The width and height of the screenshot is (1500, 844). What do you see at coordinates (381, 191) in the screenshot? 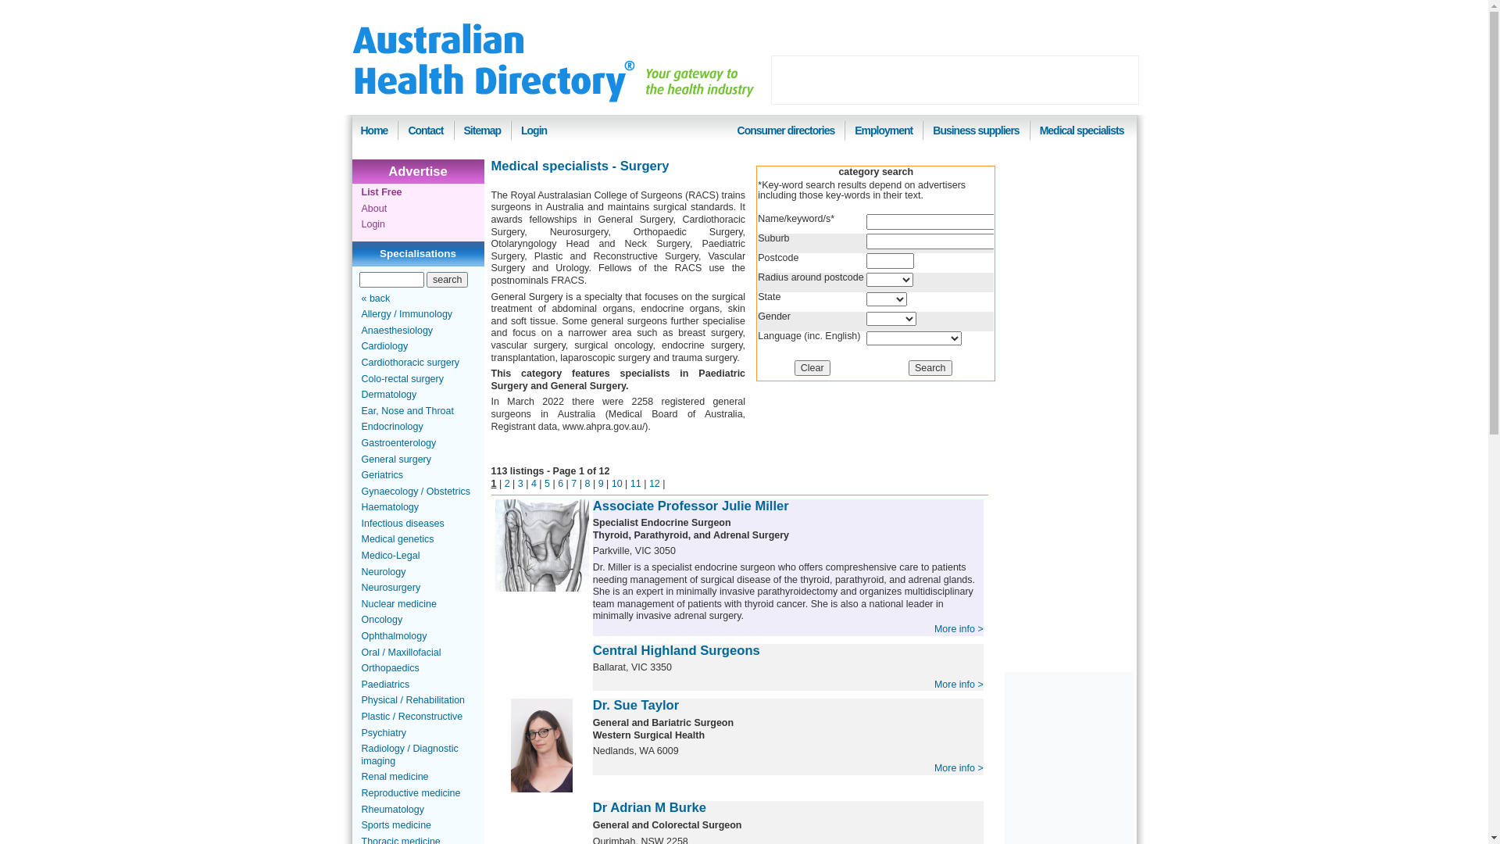
I see `'List Free'` at bounding box center [381, 191].